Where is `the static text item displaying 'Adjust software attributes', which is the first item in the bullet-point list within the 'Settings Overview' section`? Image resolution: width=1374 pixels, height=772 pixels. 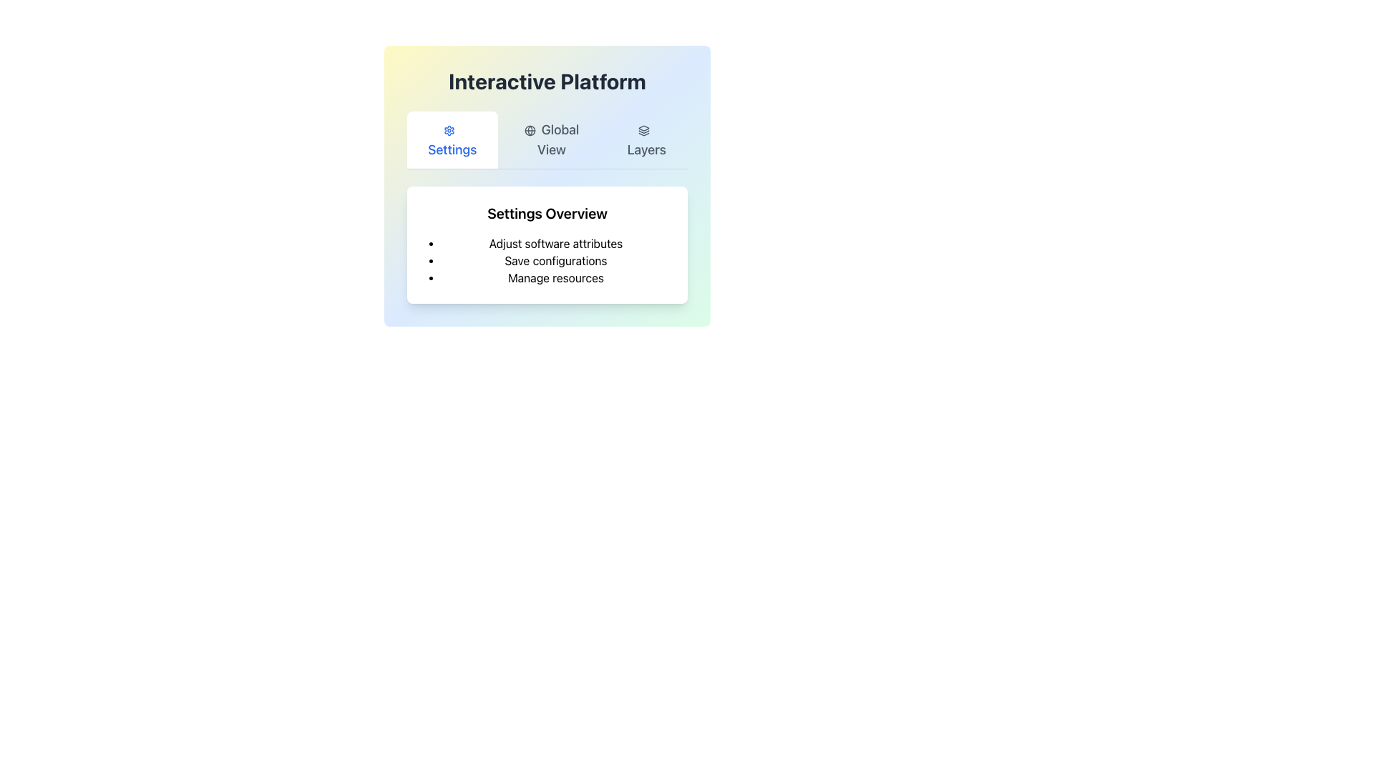
the static text item displaying 'Adjust software attributes', which is the first item in the bullet-point list within the 'Settings Overview' section is located at coordinates (555, 242).